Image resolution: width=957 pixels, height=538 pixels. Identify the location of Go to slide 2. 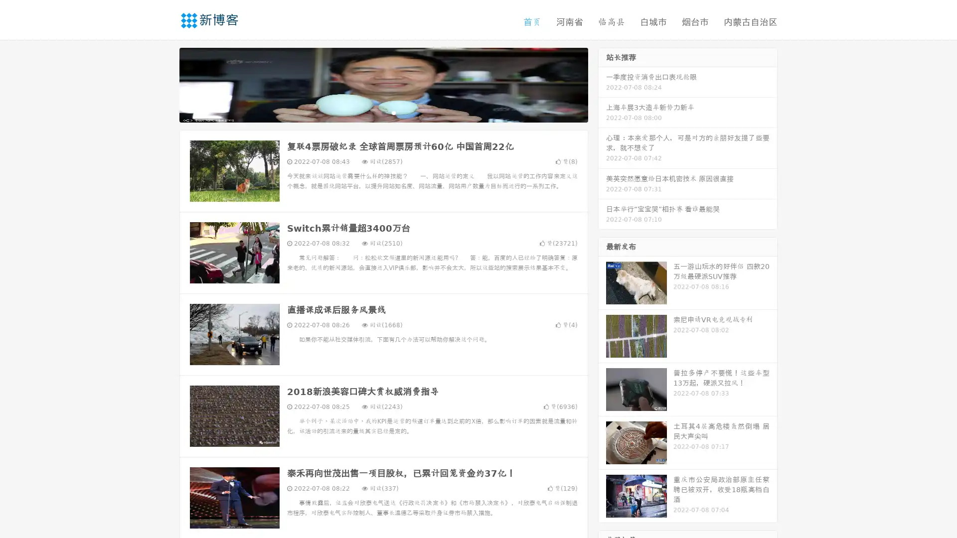
(383, 112).